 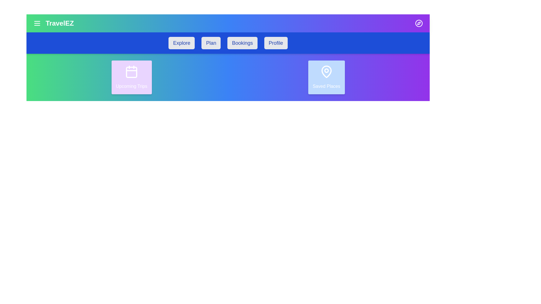 What do you see at coordinates (326, 77) in the screenshot?
I see `the 'Saved Places' card` at bounding box center [326, 77].